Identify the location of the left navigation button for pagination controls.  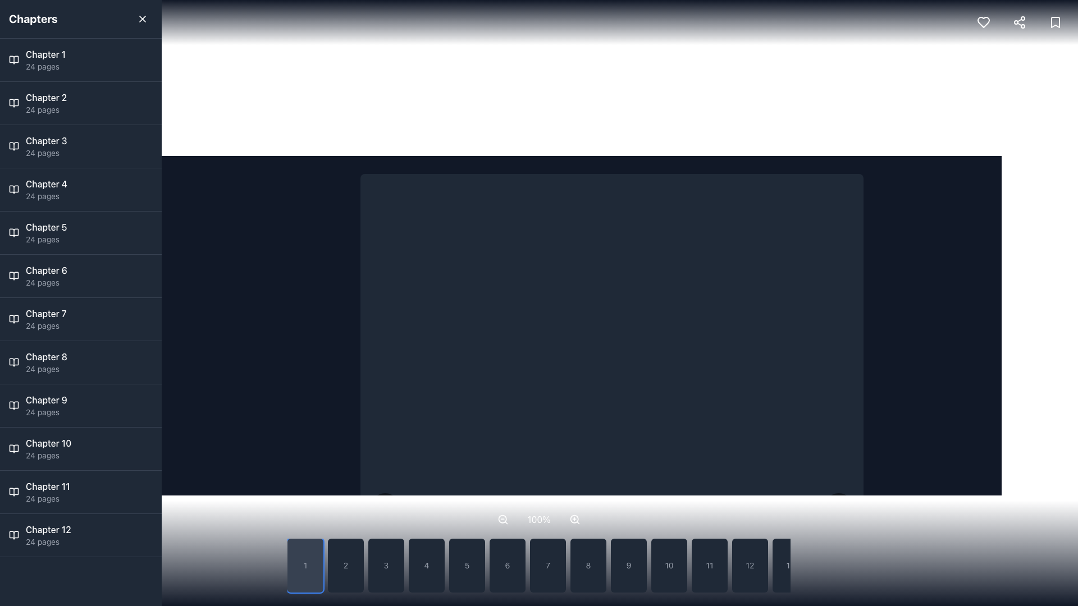
(385, 509).